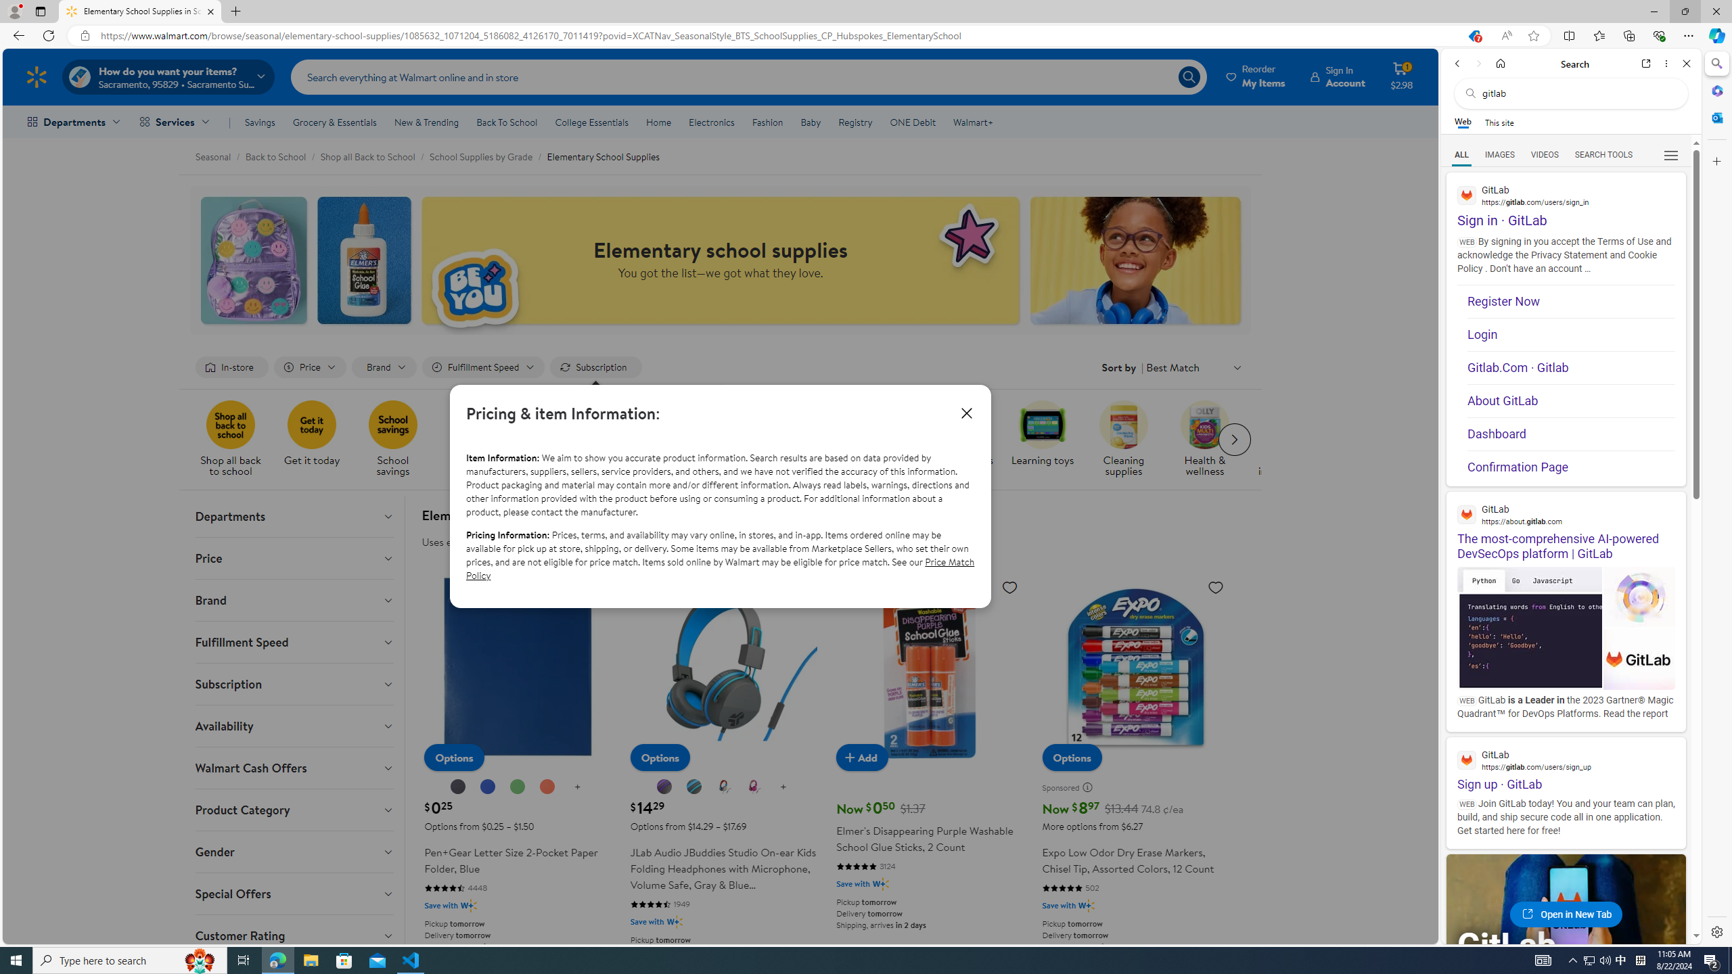 This screenshot has width=1732, height=974. Describe the element at coordinates (1666, 63) in the screenshot. I see `'More options'` at that location.